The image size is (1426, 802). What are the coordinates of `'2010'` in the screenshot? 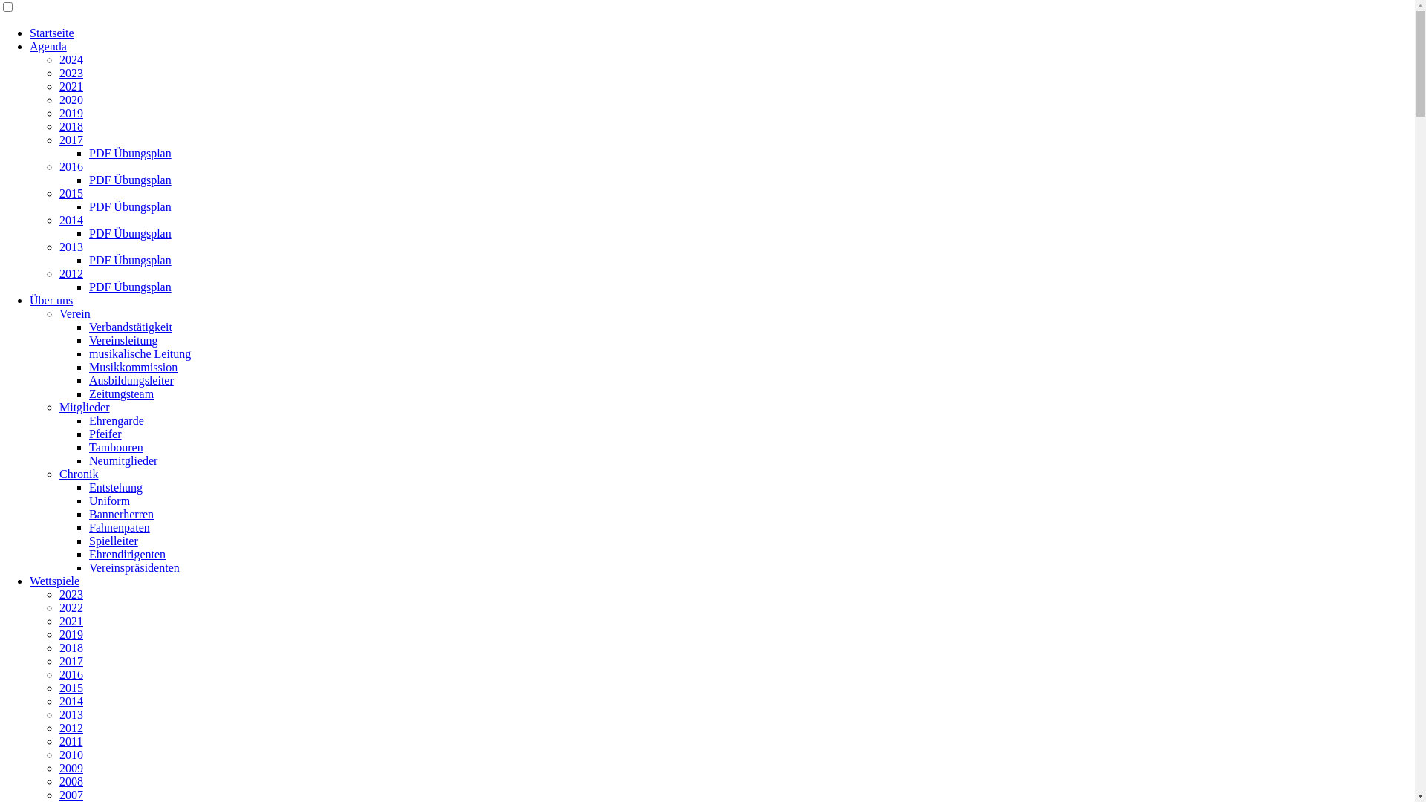 It's located at (71, 754).